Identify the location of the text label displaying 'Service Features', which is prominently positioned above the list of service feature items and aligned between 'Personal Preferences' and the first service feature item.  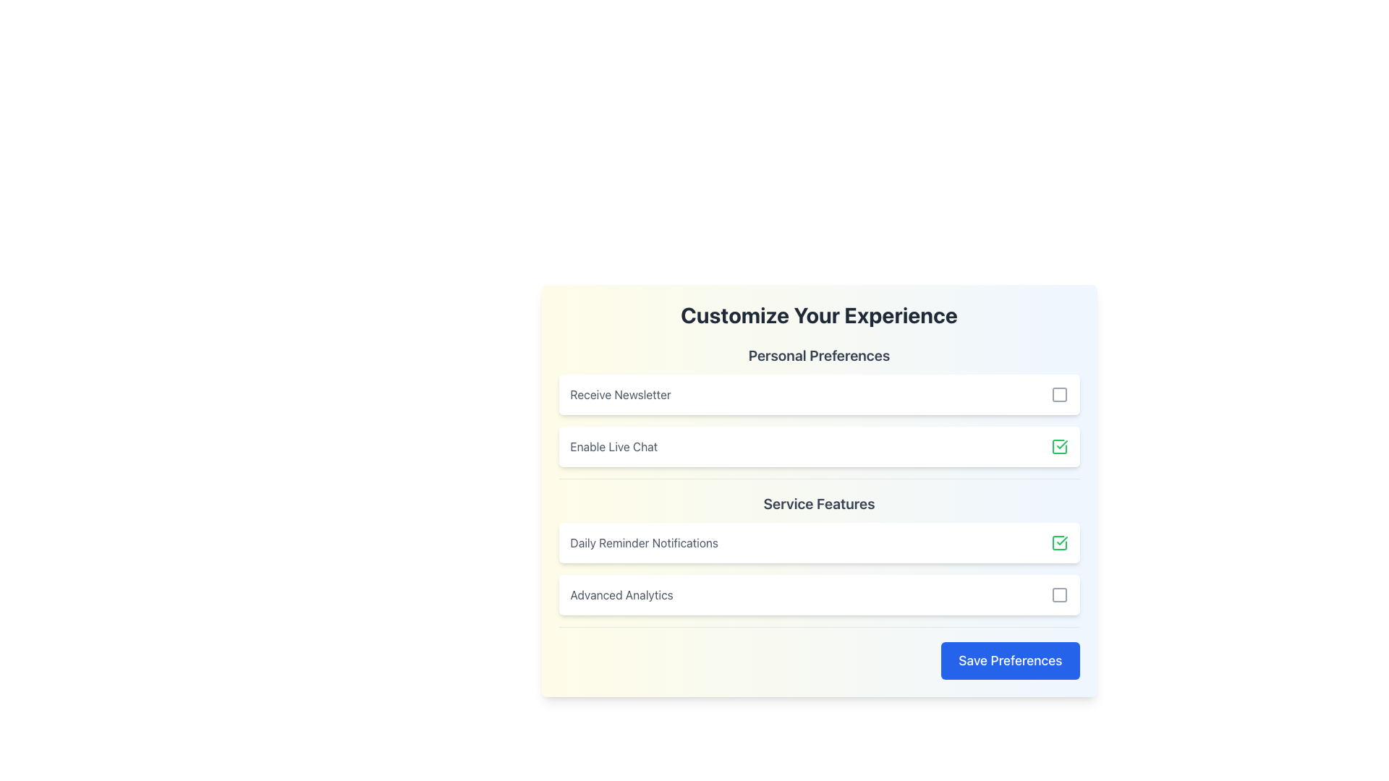
(819, 503).